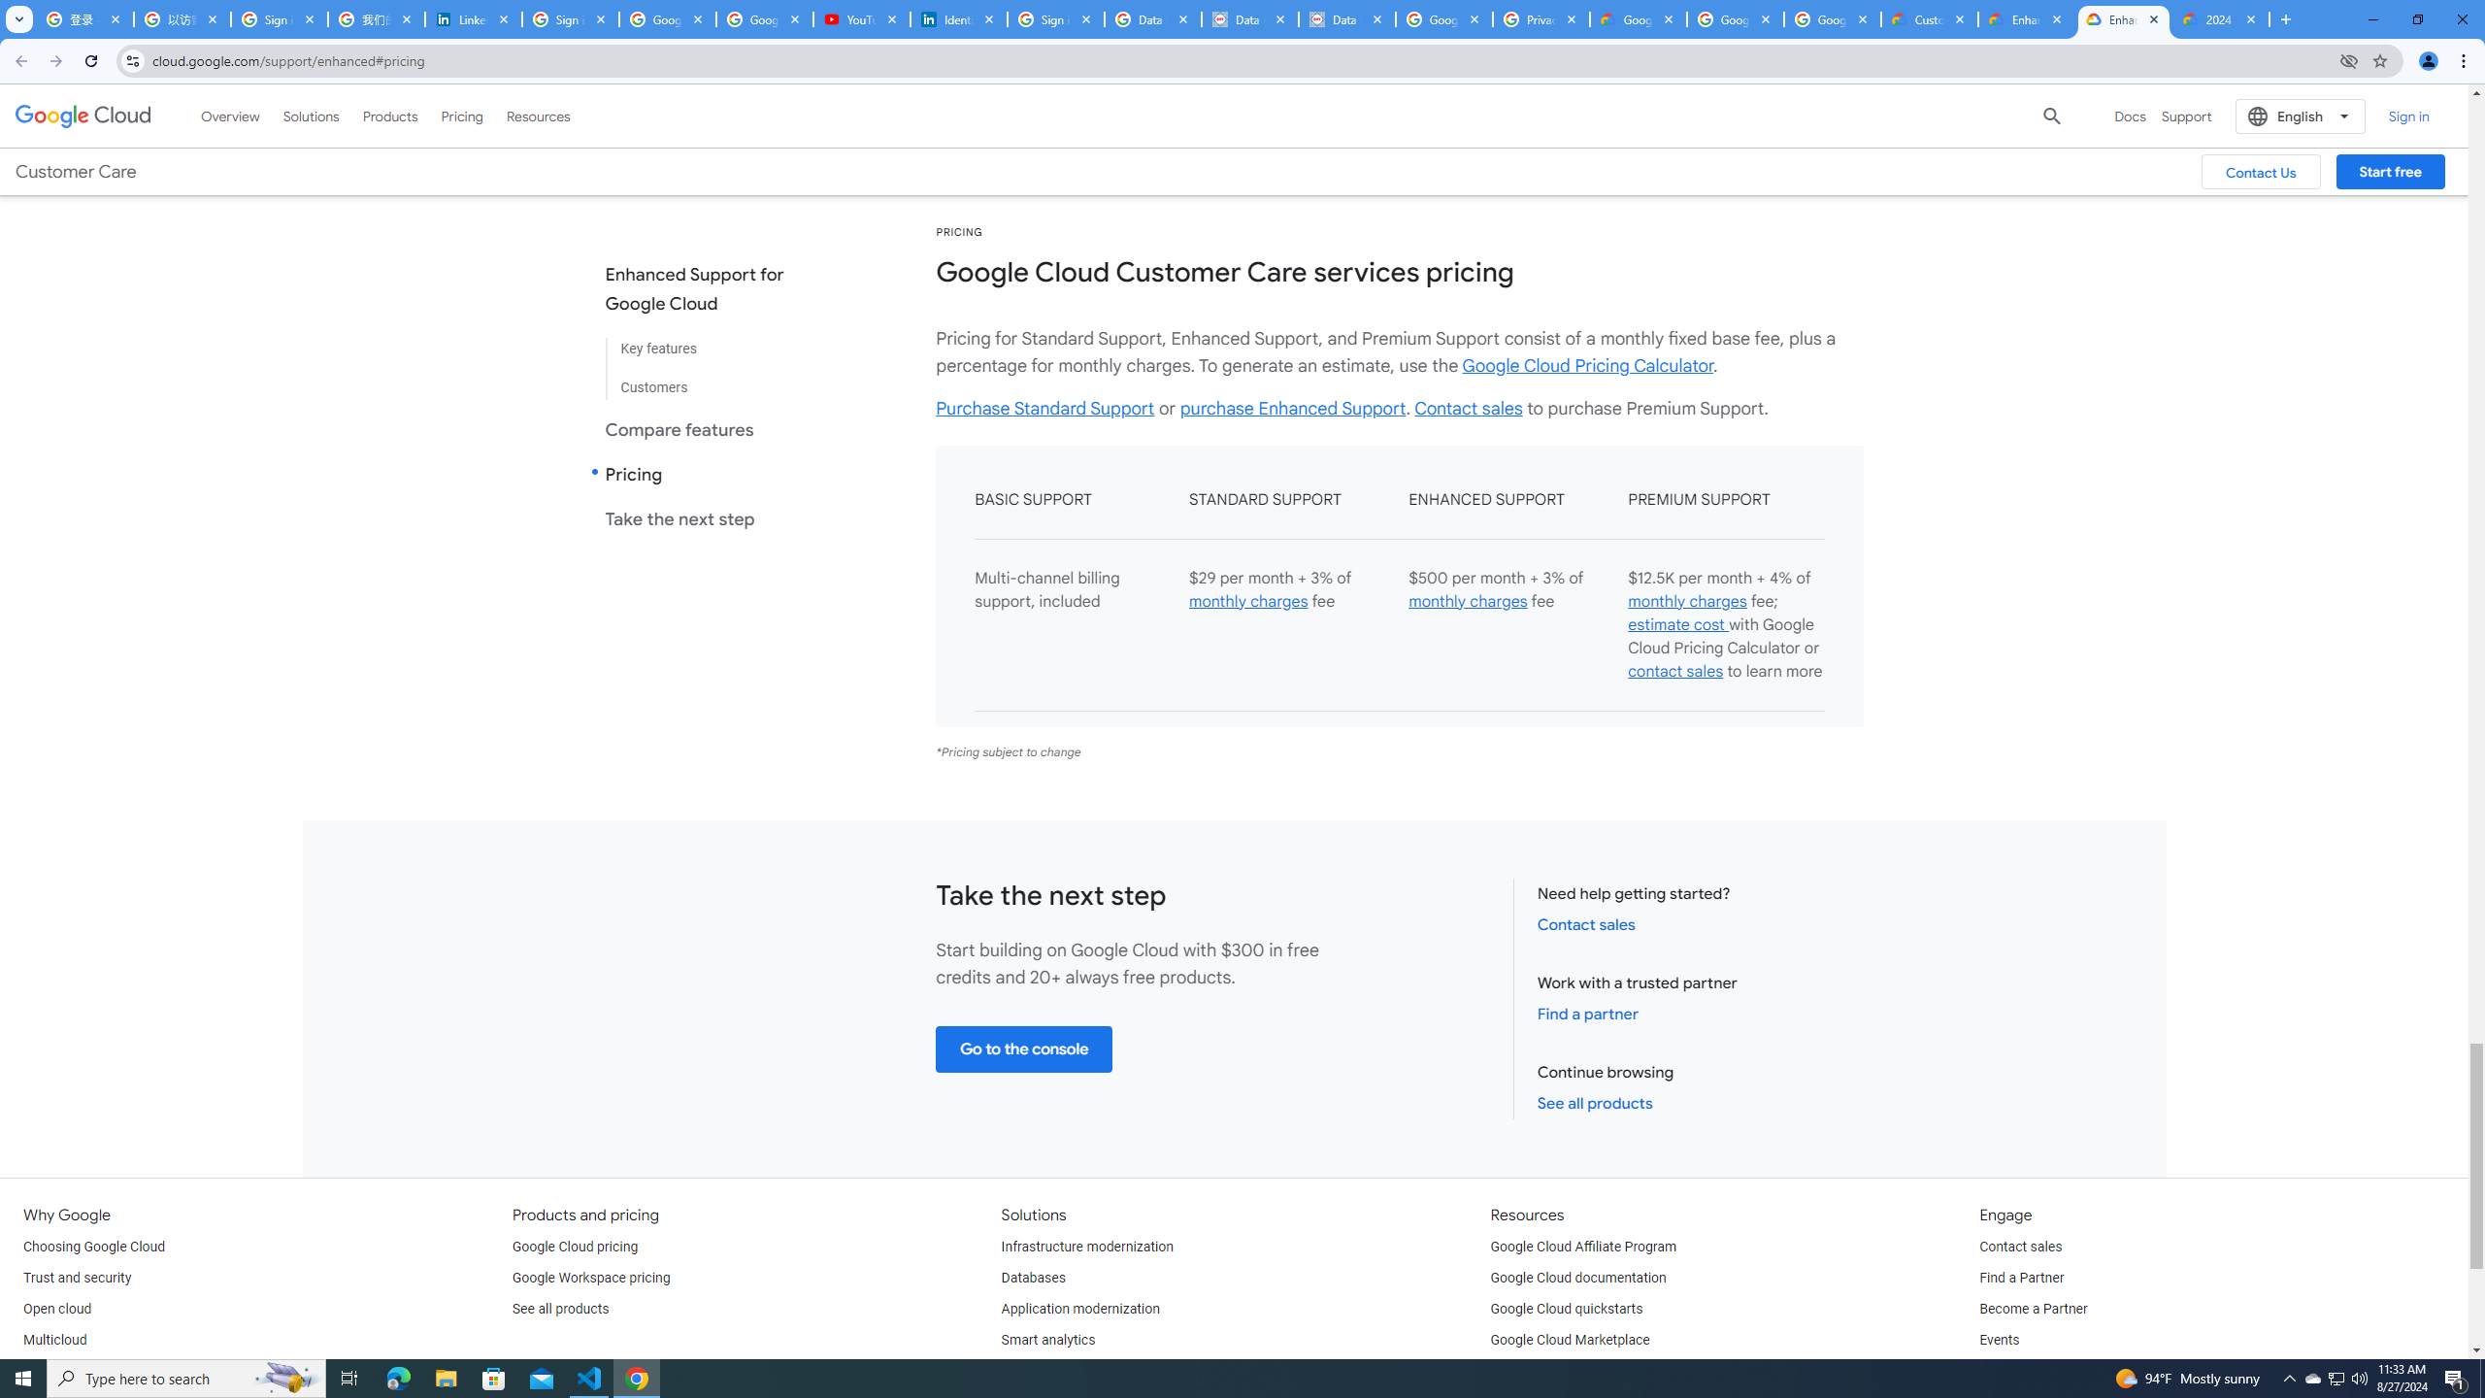  I want to click on 'Google Cloud Pricing Calculator', so click(1586, 364).